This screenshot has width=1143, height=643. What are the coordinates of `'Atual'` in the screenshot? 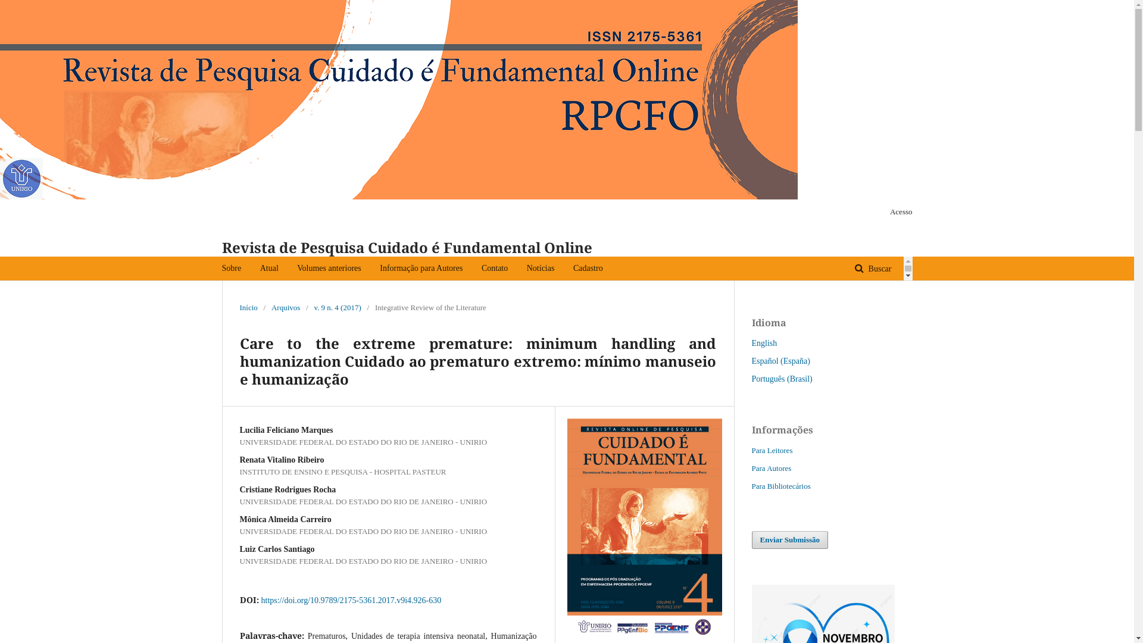 It's located at (268, 269).